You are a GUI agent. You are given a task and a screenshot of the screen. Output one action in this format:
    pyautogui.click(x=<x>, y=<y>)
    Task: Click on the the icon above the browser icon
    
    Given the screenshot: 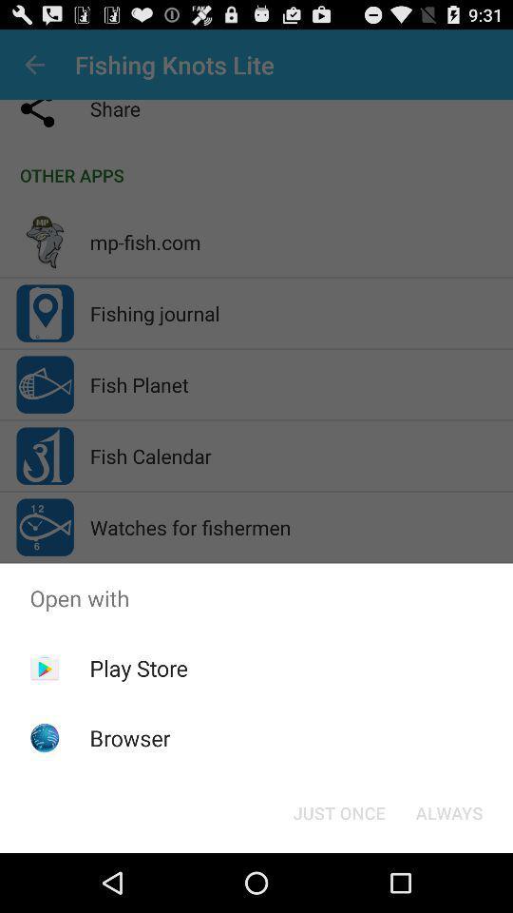 What is the action you would take?
    pyautogui.click(x=138, y=668)
    